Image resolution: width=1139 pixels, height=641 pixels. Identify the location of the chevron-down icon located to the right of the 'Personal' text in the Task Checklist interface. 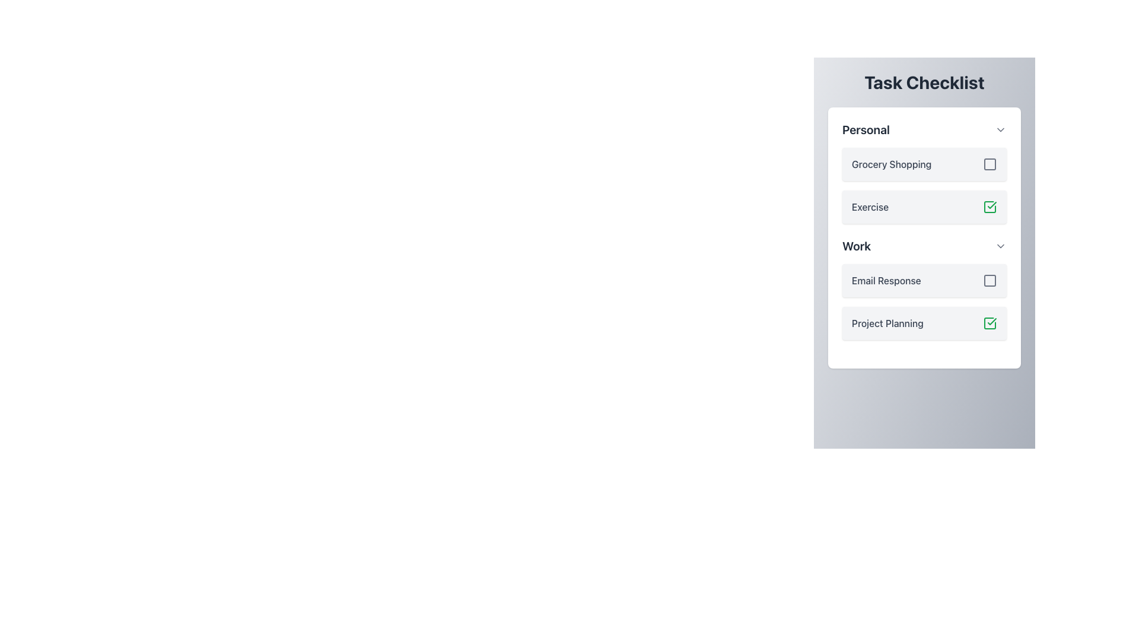
(1000, 130).